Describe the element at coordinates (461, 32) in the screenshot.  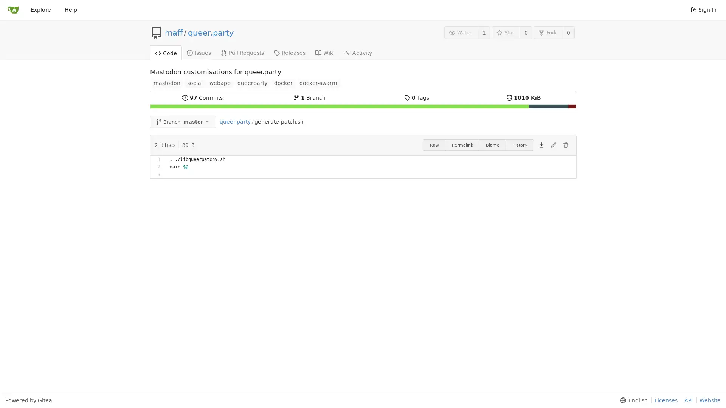
I see `Watch` at that location.